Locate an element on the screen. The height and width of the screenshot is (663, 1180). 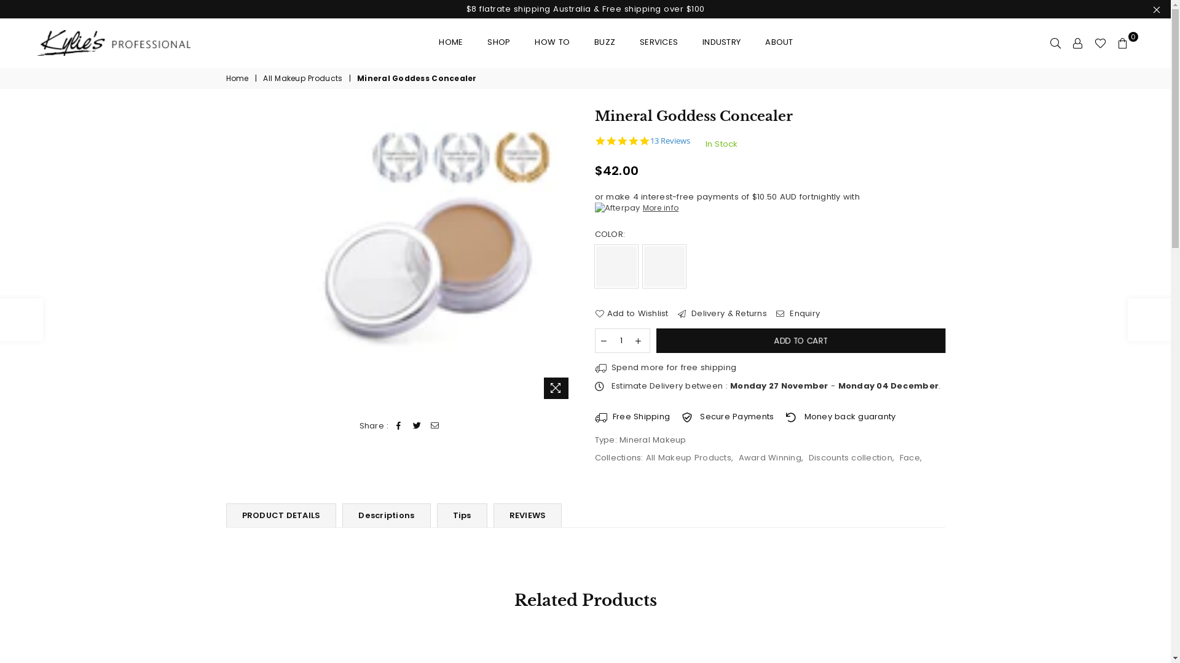
'PRODUCT DETAILS' is located at coordinates (280, 515).